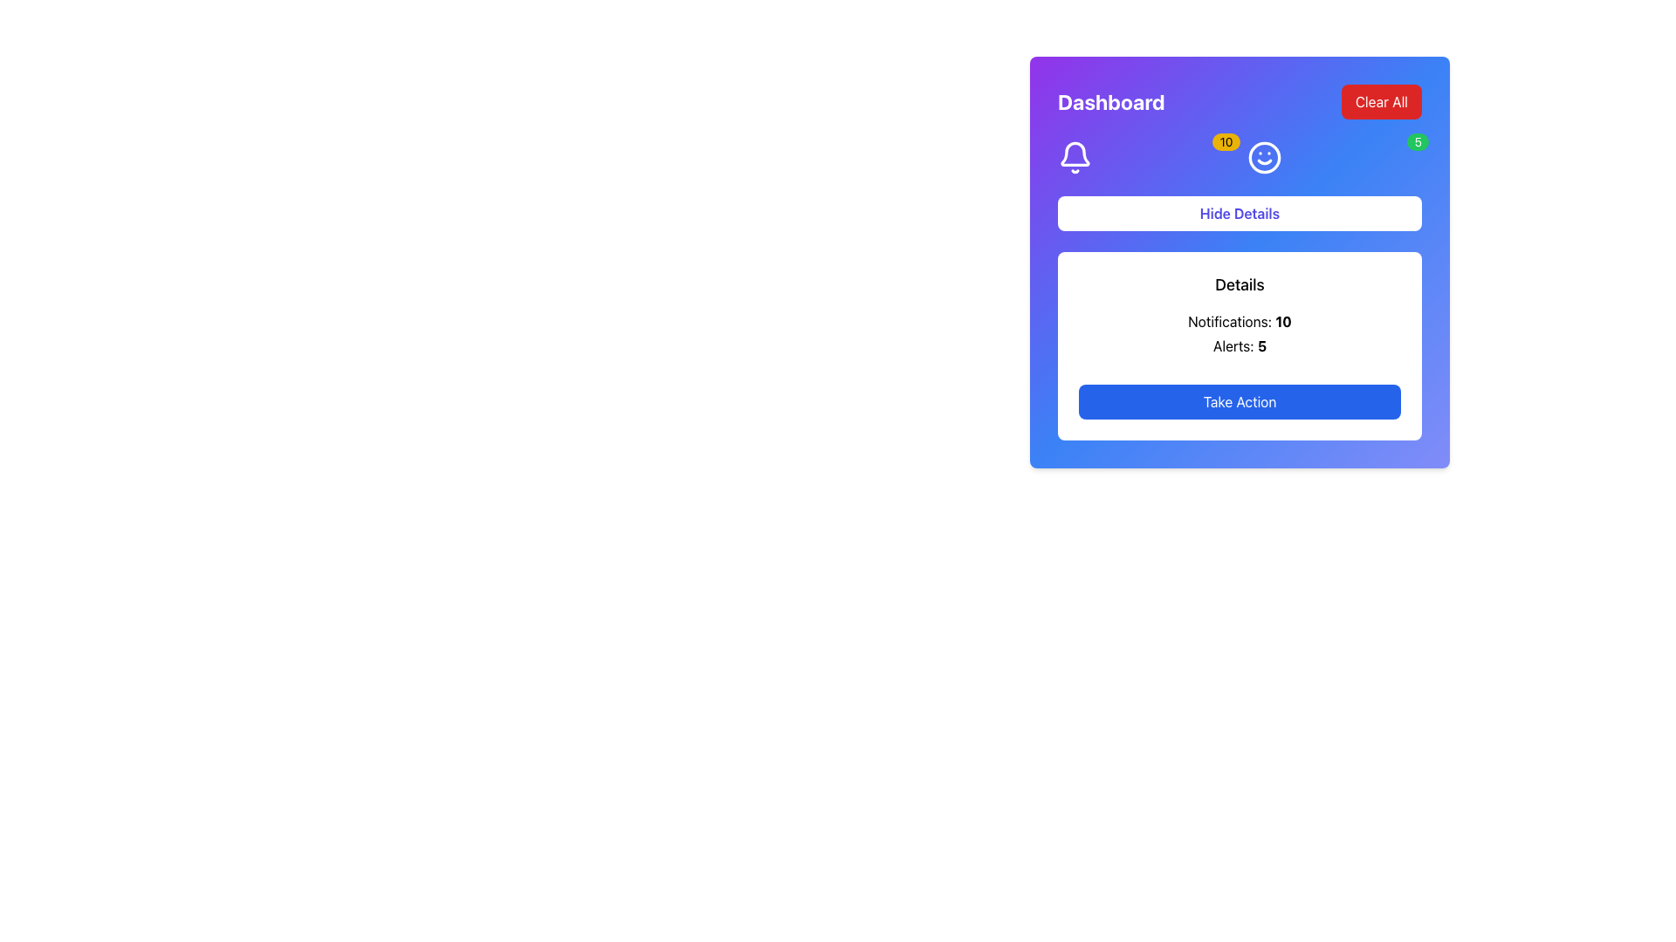 The height and width of the screenshot is (942, 1676). What do you see at coordinates (1264, 158) in the screenshot?
I see `the smiley face icon component located in the top-right corner of the dashboard, adjacent to the 'Clear All' button` at bounding box center [1264, 158].